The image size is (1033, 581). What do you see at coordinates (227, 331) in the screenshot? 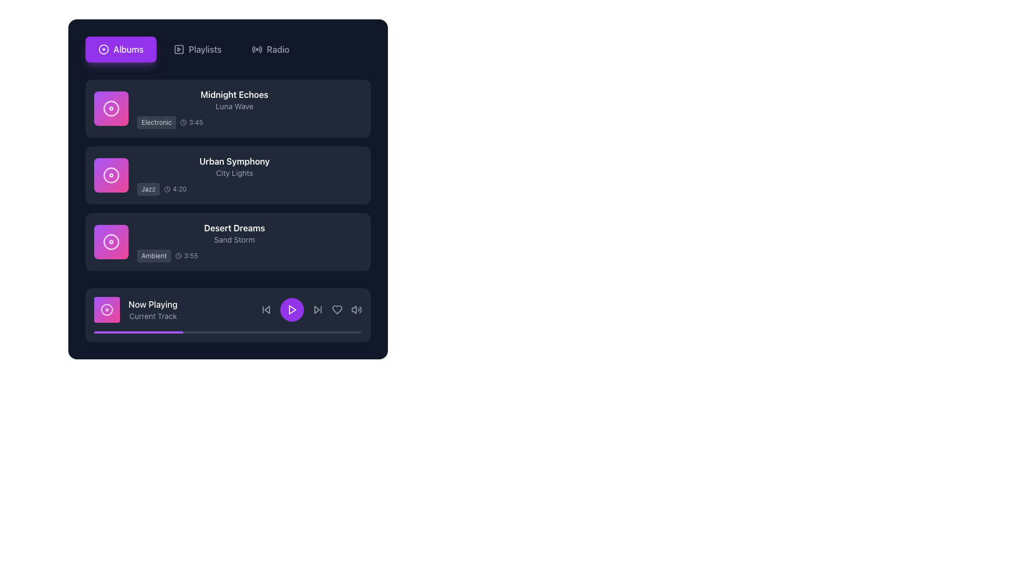
I see `the progress bar located in the 'Now Playing' section, positioned below the track title and control buttons` at bounding box center [227, 331].